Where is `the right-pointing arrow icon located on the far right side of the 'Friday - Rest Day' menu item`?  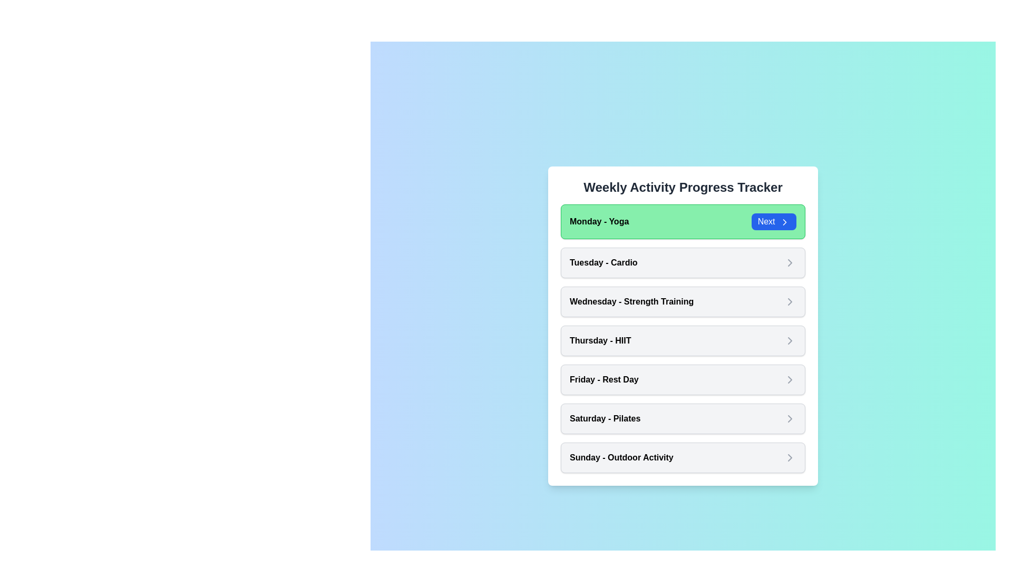
the right-pointing arrow icon located on the far right side of the 'Friday - Rest Day' menu item is located at coordinates (790, 380).